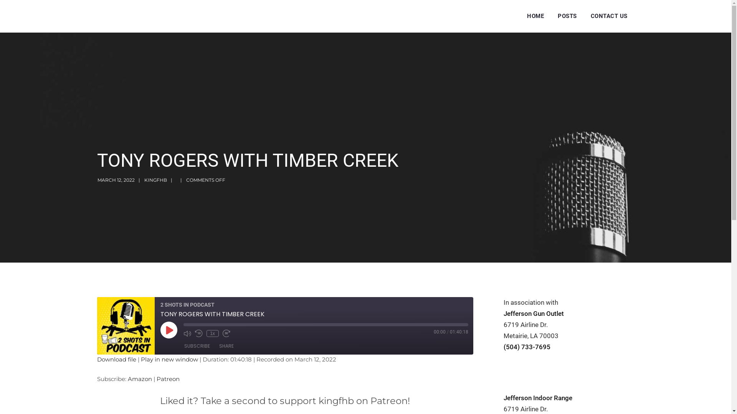 This screenshot has width=737, height=414. What do you see at coordinates (222, 333) in the screenshot?
I see `'Fast Forward 30 seconds'` at bounding box center [222, 333].